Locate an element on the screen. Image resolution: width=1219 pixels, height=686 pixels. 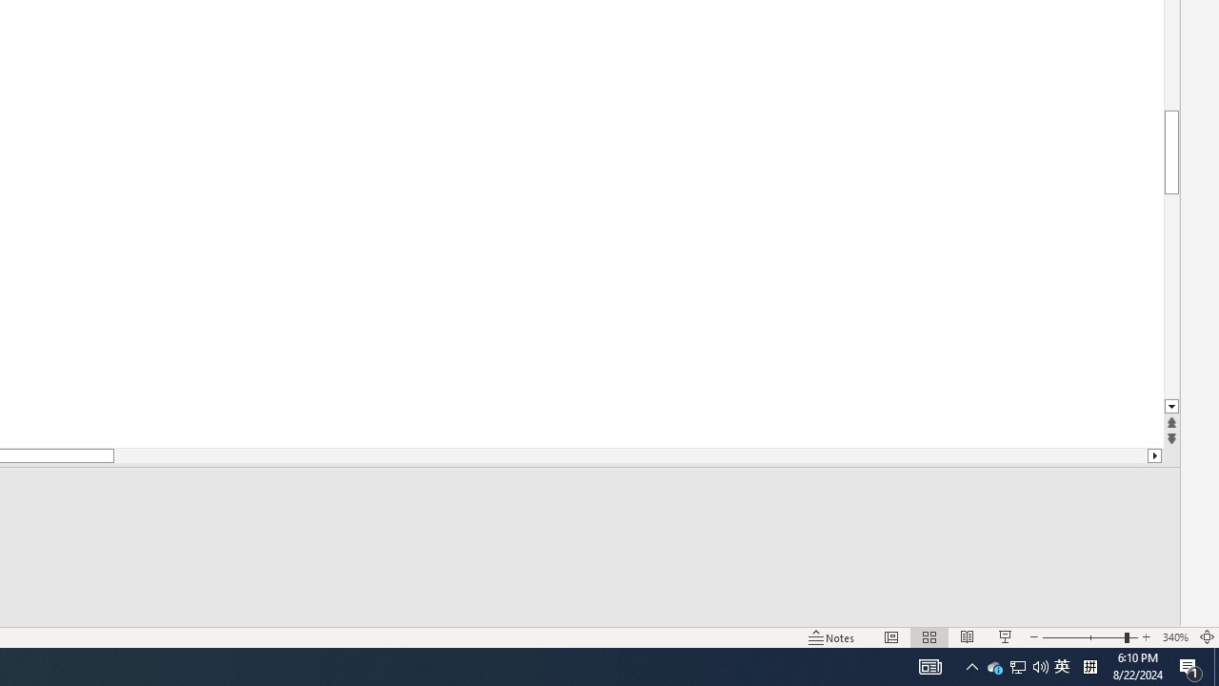
'Zoom to Fit ' is located at coordinates (1206, 637).